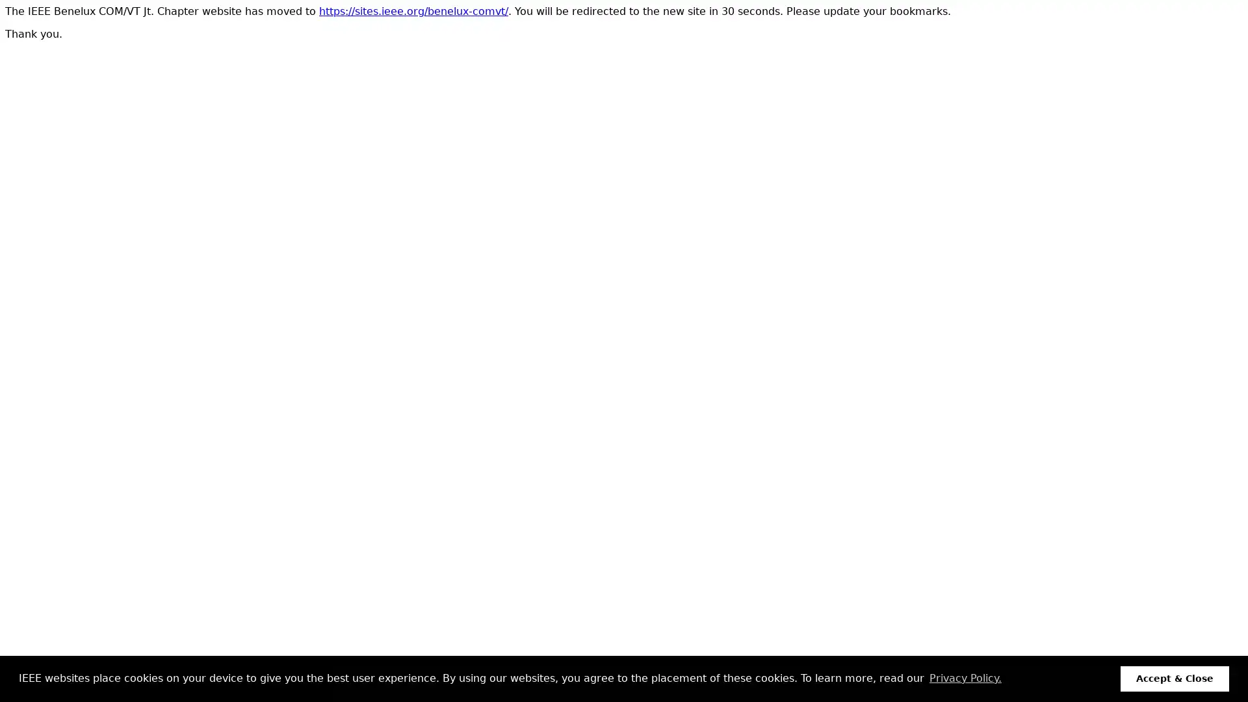 The image size is (1248, 702). I want to click on learn more about cookies, so click(965, 678).